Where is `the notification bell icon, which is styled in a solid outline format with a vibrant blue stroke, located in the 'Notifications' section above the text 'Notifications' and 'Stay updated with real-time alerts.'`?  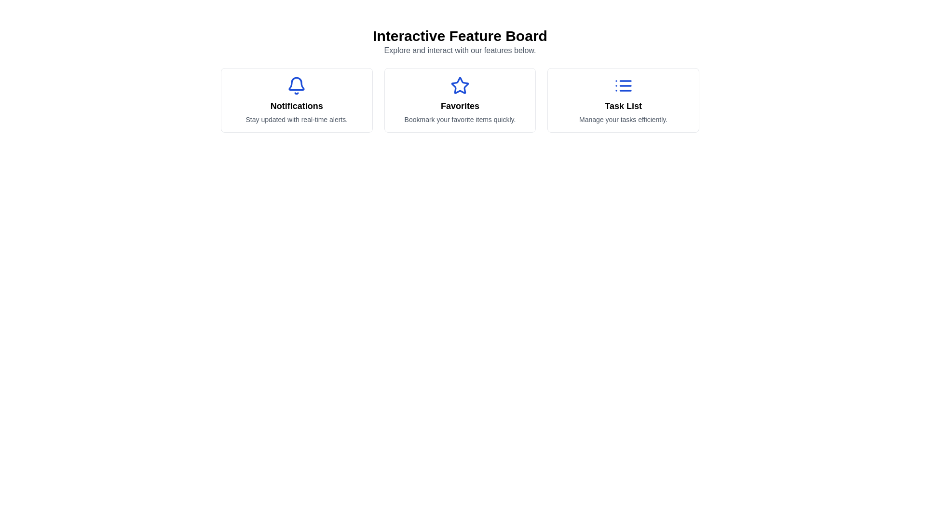
the notification bell icon, which is styled in a solid outline format with a vibrant blue stroke, located in the 'Notifications' section above the text 'Notifications' and 'Stay updated with real-time alerts.' is located at coordinates (296, 85).